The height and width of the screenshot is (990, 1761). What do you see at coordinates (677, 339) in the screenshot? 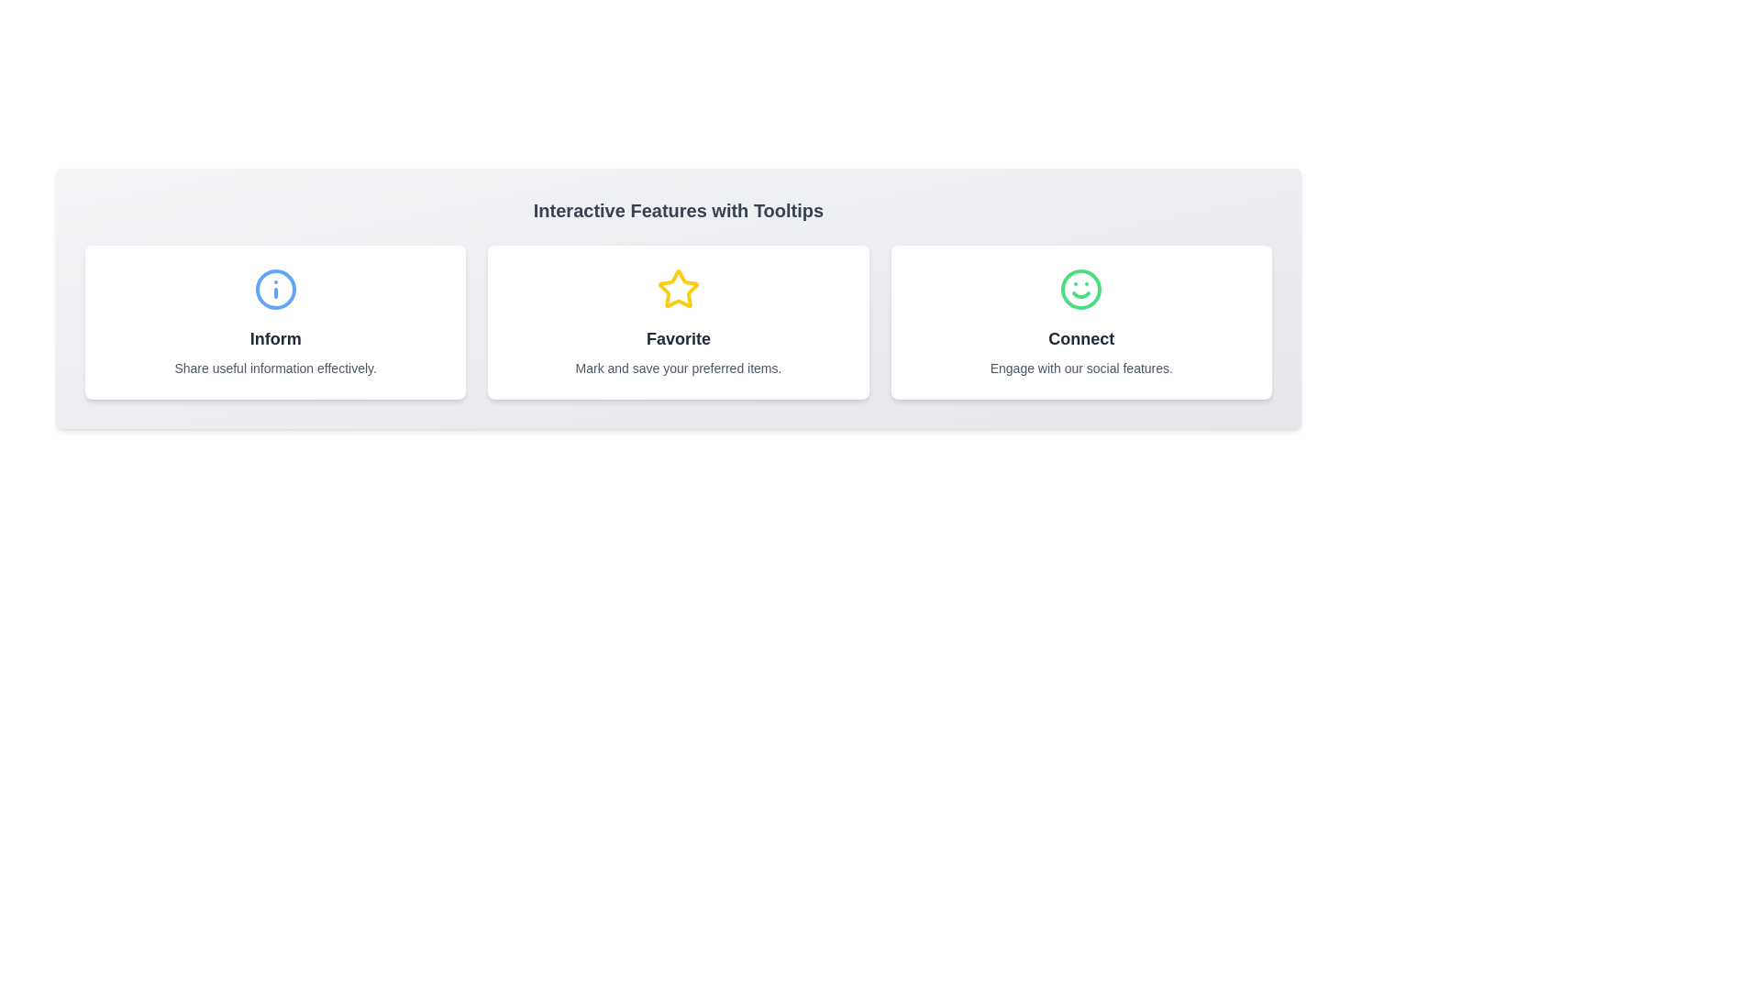
I see `the 'Favorite' text label, which is bold, large, and dark gray, located in the second card of a horizontally aligned group of three containers` at bounding box center [677, 339].